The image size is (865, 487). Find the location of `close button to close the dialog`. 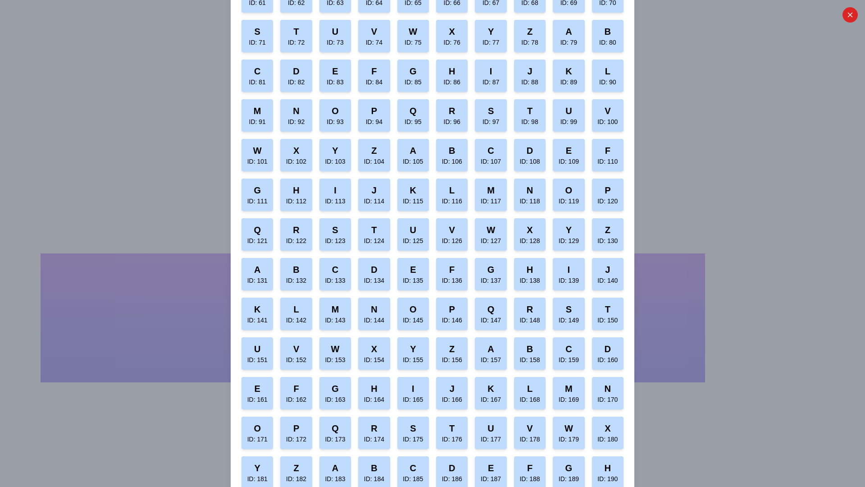

close button to close the dialog is located at coordinates (849, 15).